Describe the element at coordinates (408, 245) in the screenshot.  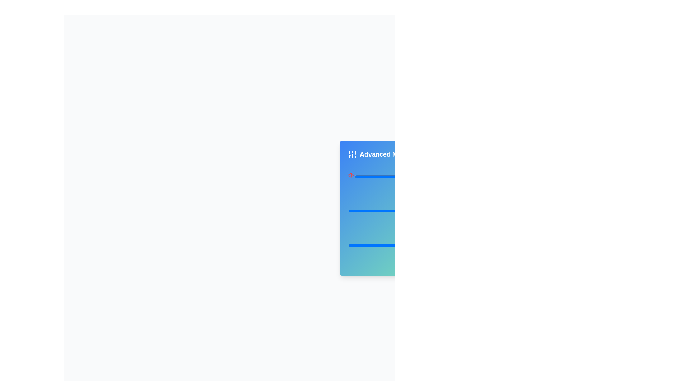
I see `slider value` at that location.